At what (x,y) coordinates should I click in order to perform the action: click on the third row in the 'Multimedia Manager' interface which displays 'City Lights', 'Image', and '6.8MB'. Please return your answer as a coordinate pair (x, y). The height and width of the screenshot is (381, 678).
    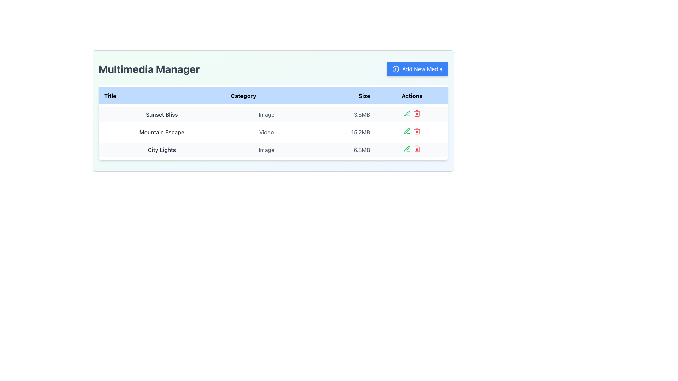
    Looking at the image, I should click on (273, 149).